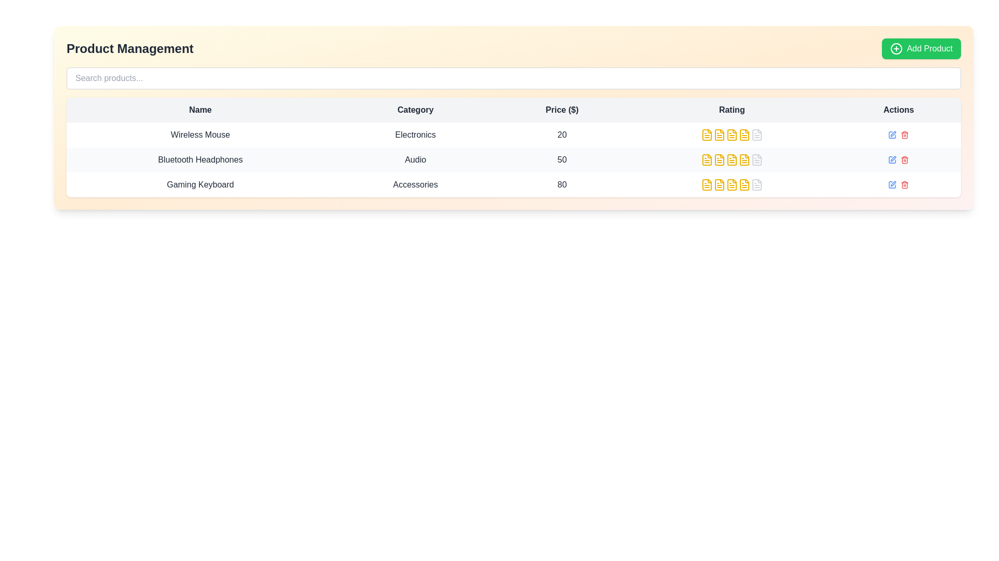 The height and width of the screenshot is (561, 999). I want to click on the text header 'Name' which is displayed in bold on a light gray background, located in the first column of a table layout, so click(200, 110).